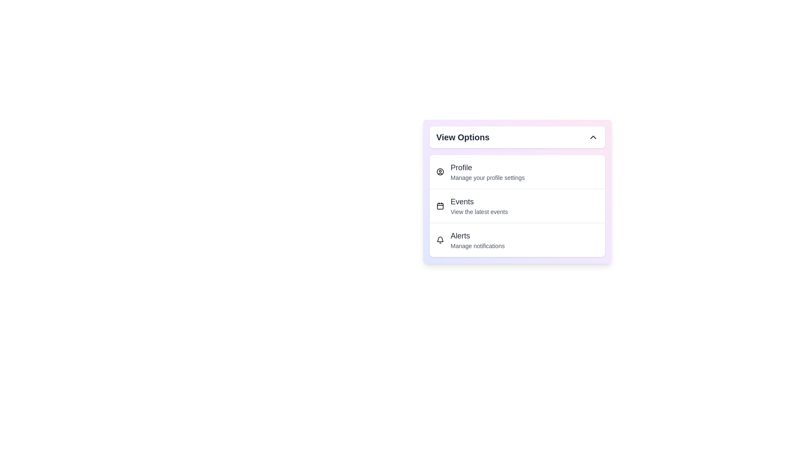 The width and height of the screenshot is (809, 455). What do you see at coordinates (450, 162) in the screenshot?
I see `the text 'Profile' in the dropdown menu` at bounding box center [450, 162].